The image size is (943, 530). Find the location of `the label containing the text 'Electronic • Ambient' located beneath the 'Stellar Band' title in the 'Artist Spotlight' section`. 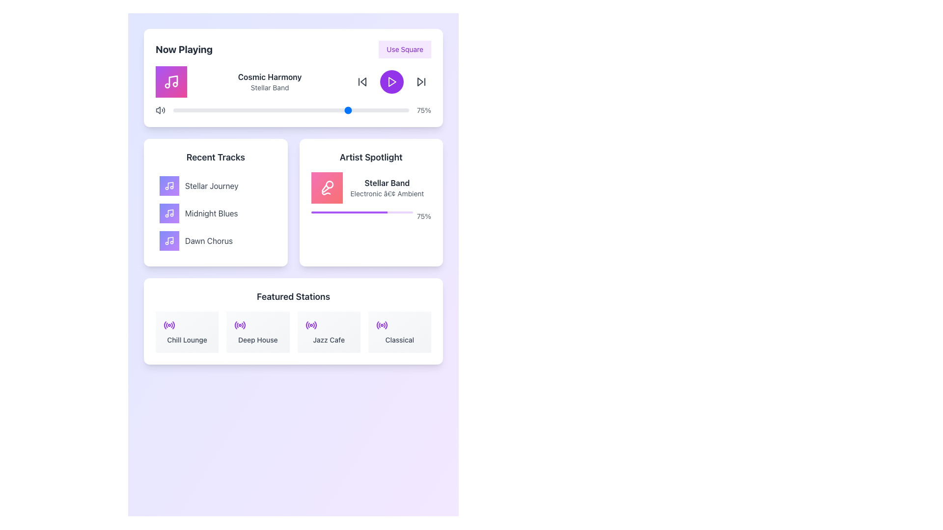

the label containing the text 'Electronic • Ambient' located beneath the 'Stellar Band' title in the 'Artist Spotlight' section is located at coordinates (387, 193).